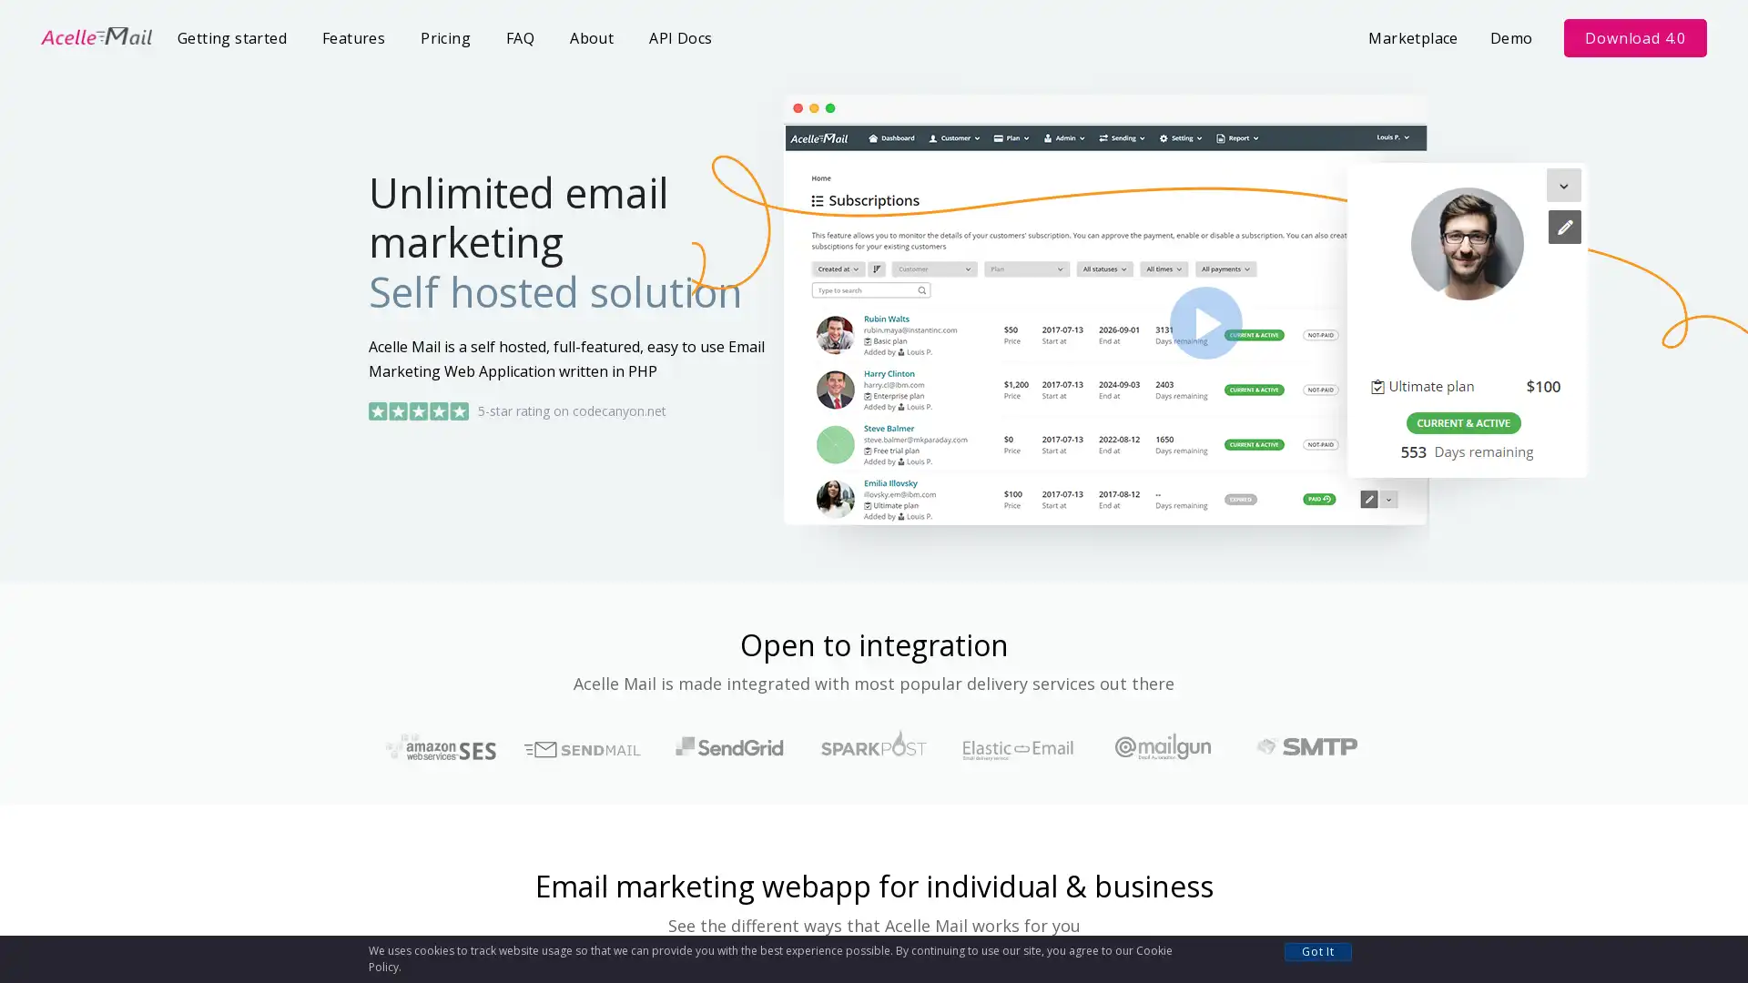 The height and width of the screenshot is (983, 1748). What do you see at coordinates (1318, 950) in the screenshot?
I see `Got It` at bounding box center [1318, 950].